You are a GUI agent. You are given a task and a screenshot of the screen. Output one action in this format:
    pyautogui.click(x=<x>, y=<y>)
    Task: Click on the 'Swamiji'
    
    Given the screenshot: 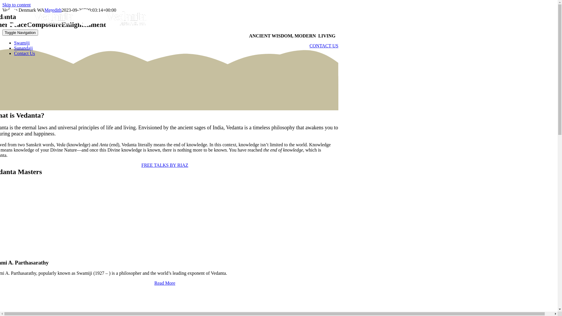 What is the action you would take?
    pyautogui.click(x=22, y=42)
    